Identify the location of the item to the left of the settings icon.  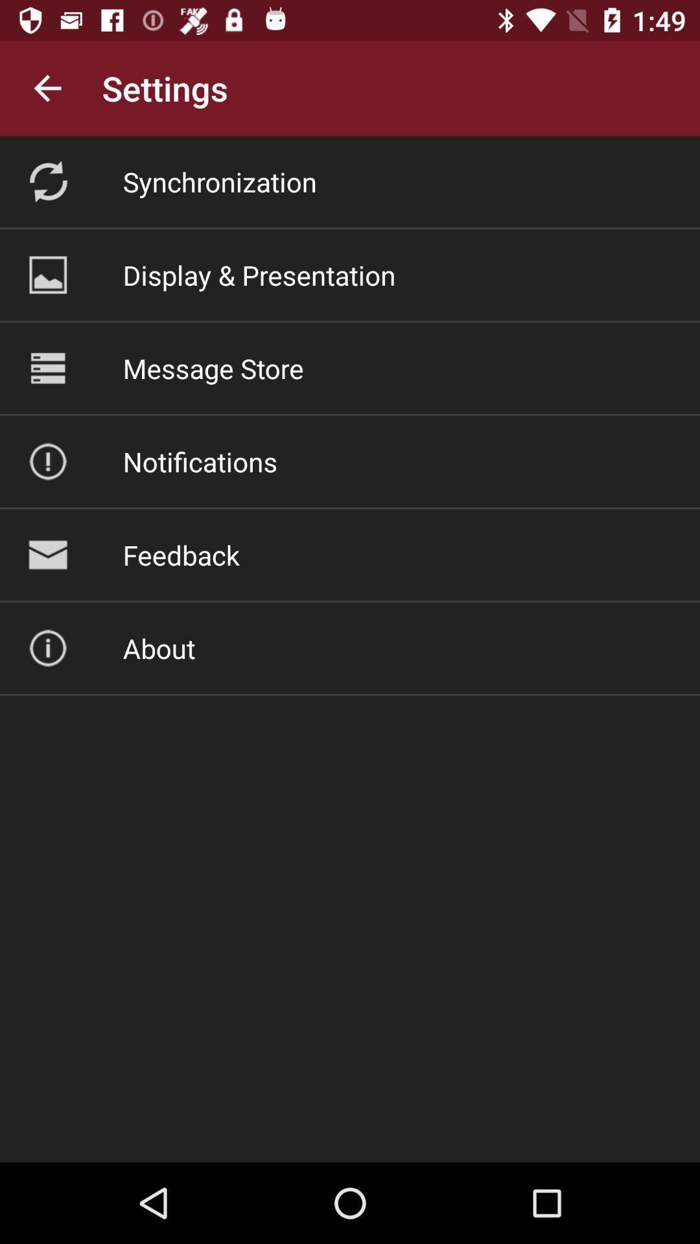
(47, 87).